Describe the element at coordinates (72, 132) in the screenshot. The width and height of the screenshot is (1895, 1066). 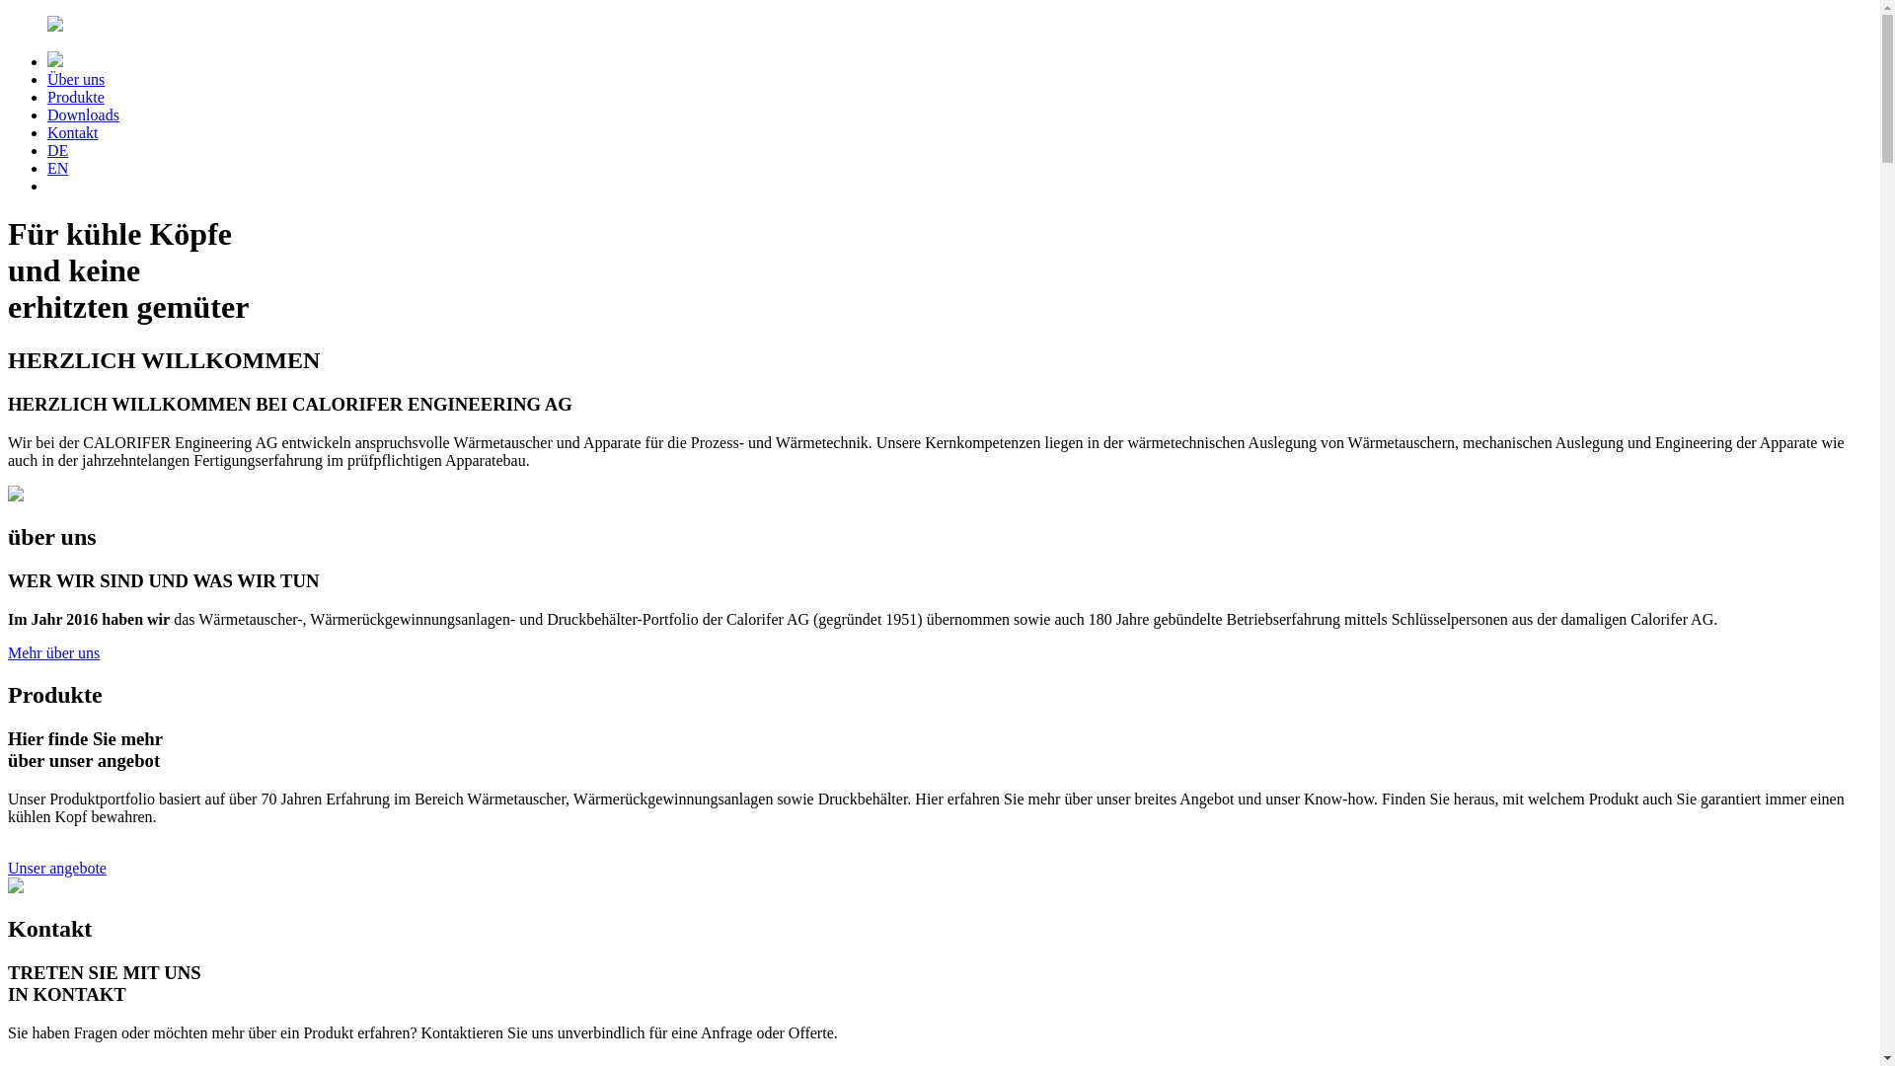
I see `'Kontakt'` at that location.